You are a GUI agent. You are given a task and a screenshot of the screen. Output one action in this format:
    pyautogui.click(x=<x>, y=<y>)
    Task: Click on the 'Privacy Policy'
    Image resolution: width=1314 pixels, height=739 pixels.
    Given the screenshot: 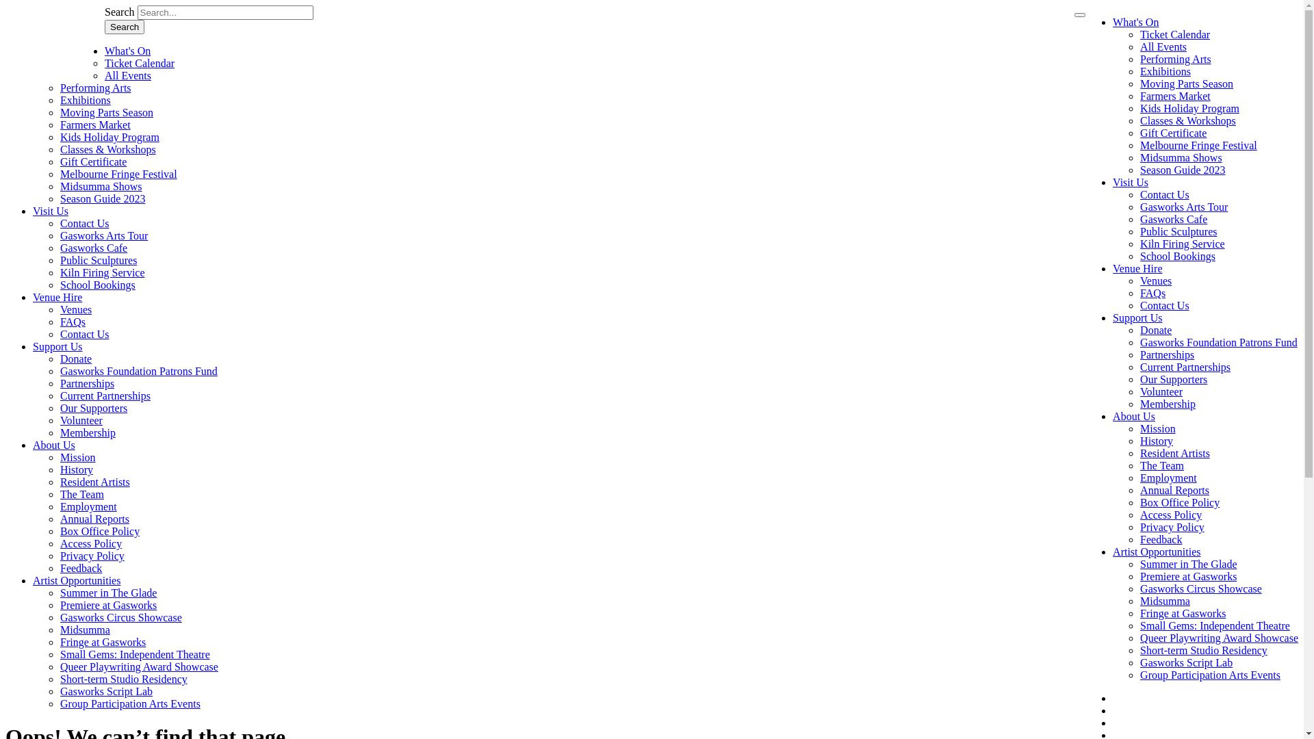 What is the action you would take?
    pyautogui.click(x=1172, y=526)
    